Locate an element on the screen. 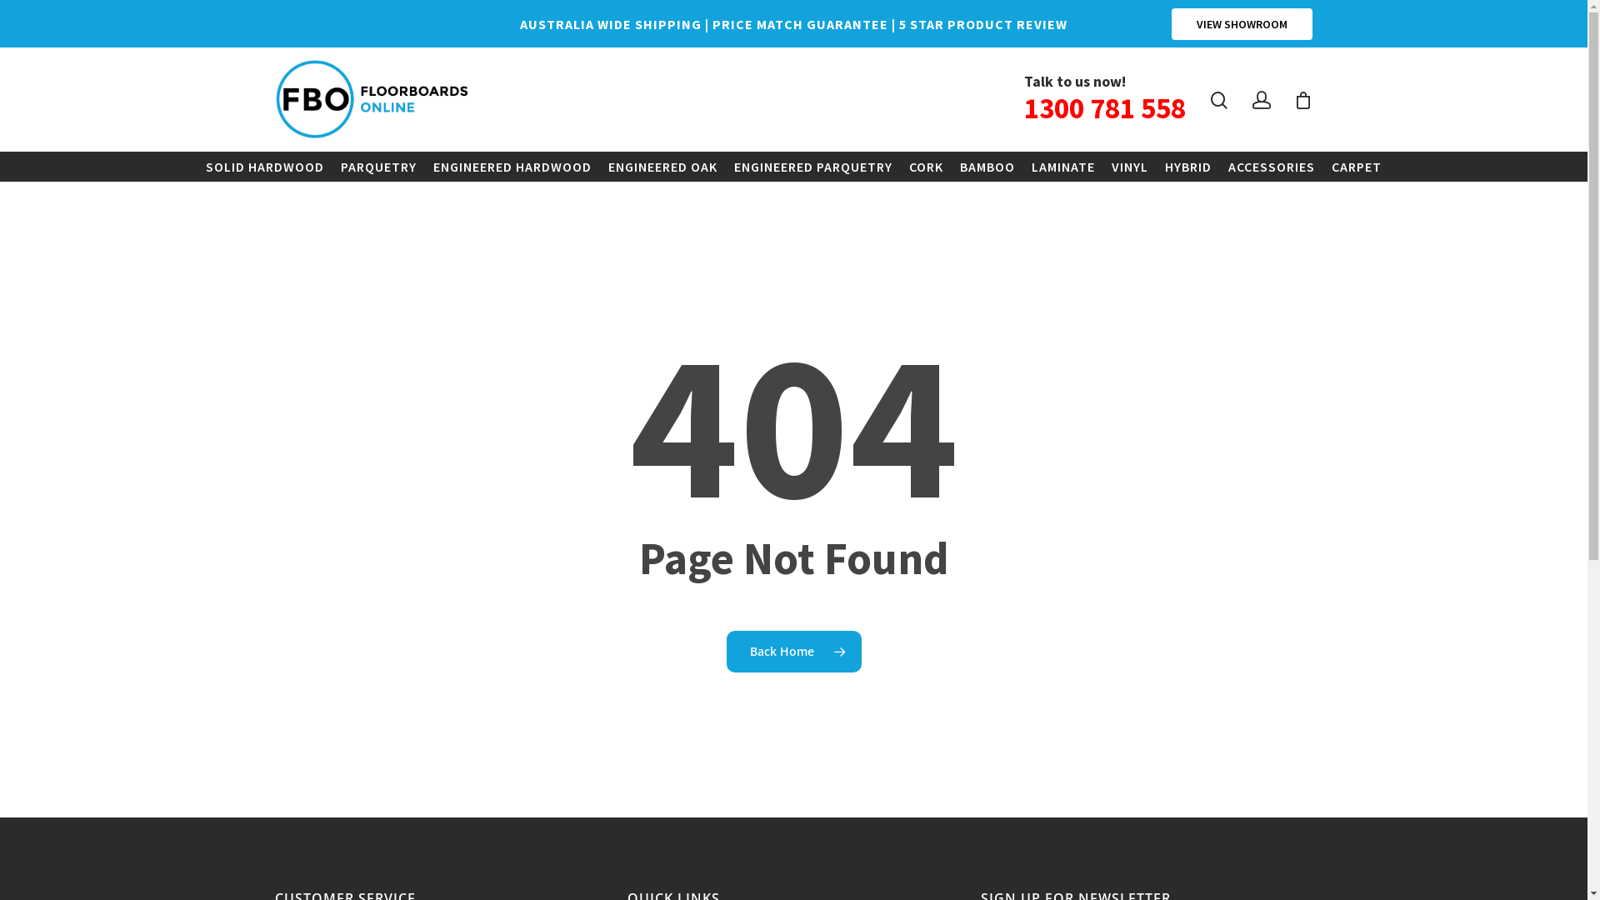 The image size is (1600, 900). 'BAMBOO' is located at coordinates (987, 167).